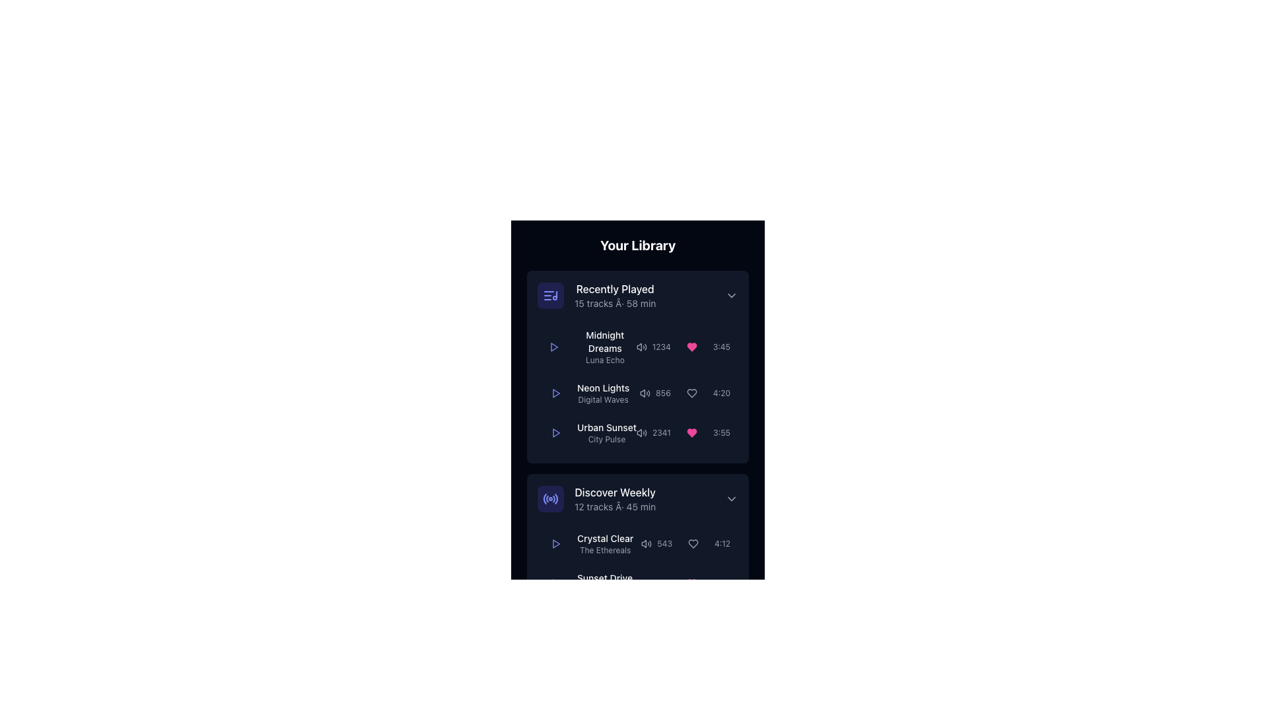 This screenshot has width=1268, height=713. I want to click on the play button located prominently within the left part of the Discover Weekly section to initiate playback of the associated audio or video content, so click(555, 700).